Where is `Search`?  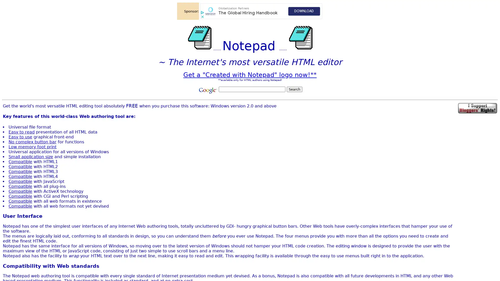
Search is located at coordinates (294, 89).